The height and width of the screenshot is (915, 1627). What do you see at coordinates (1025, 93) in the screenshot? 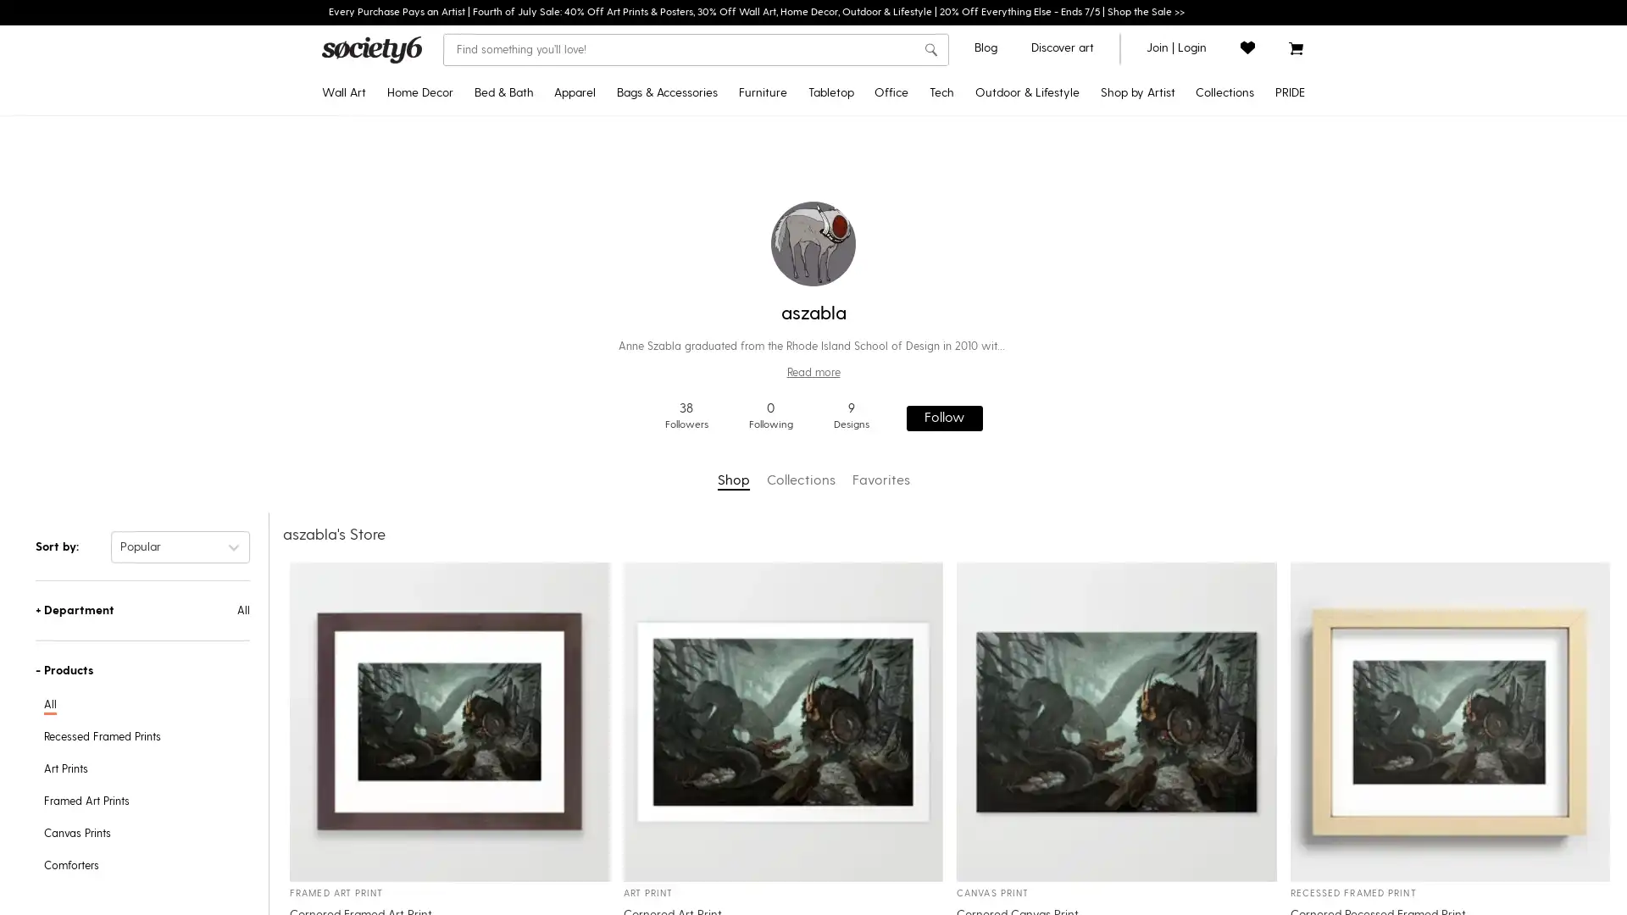
I see `Outdoor & Lifestyle` at bounding box center [1025, 93].